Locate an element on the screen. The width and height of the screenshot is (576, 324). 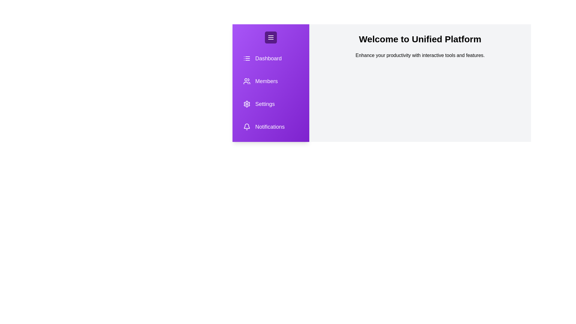
the sidebar item labeled Dashboard is located at coordinates (268, 58).